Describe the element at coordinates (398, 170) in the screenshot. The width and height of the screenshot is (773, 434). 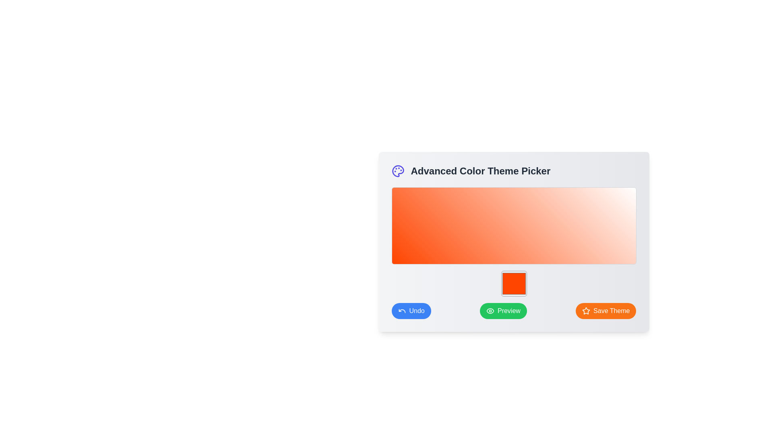
I see `the indigo-colored palette icon with five circular spots located to the left of the 'Advanced Color Theme Picker' text in the header` at that location.